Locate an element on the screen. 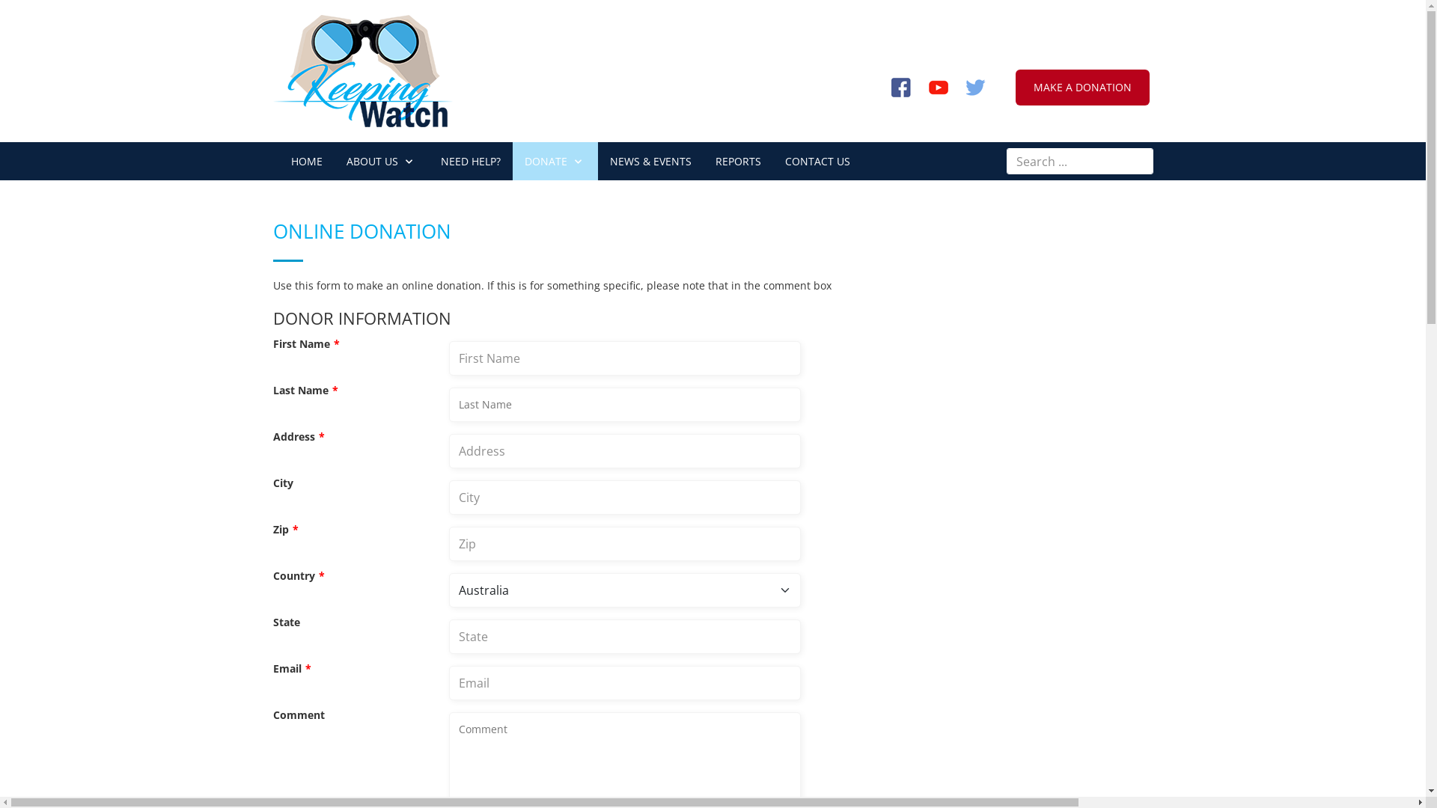  'REPORTS' is located at coordinates (703, 161).